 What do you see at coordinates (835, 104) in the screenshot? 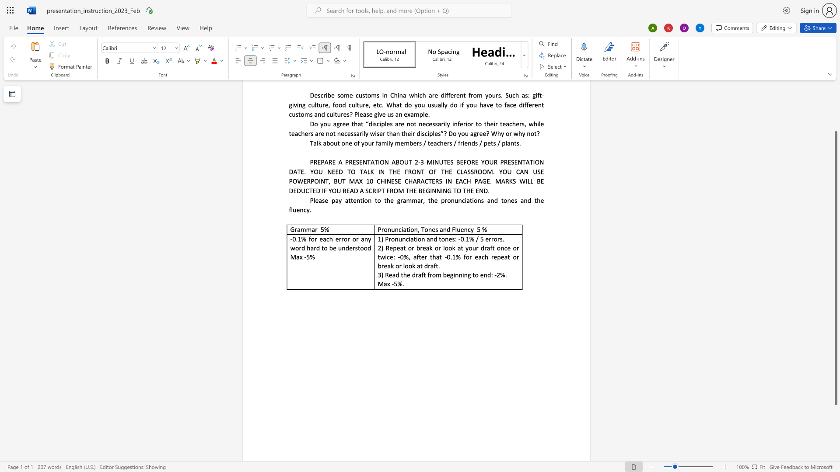
I see `the vertical scrollbar to raise the page content` at bounding box center [835, 104].